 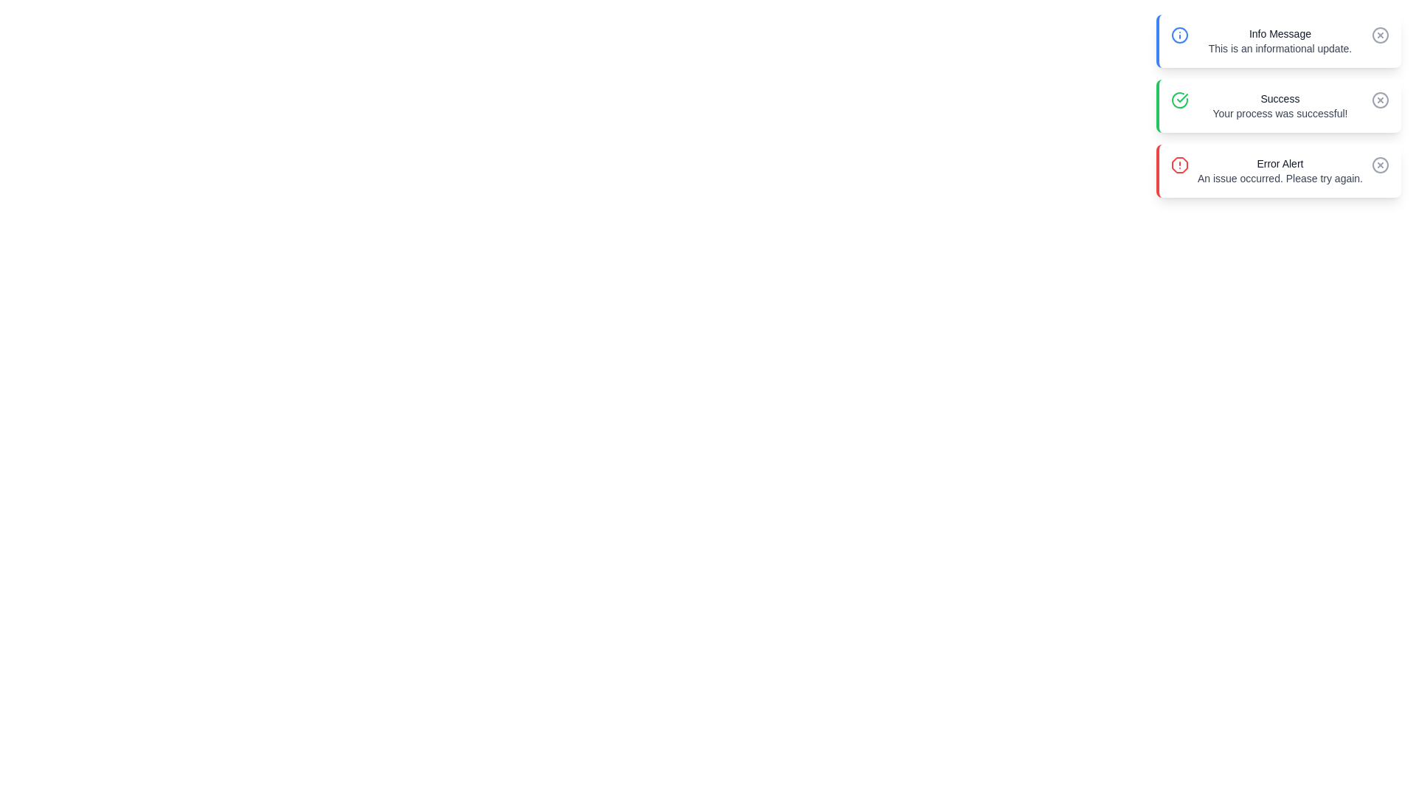 I want to click on the 'Info Message' text label, which is displayed in a medium-sized, bold font with gray coloring, located at the top of a blue-highlighted informational message box, so click(x=1279, y=33).